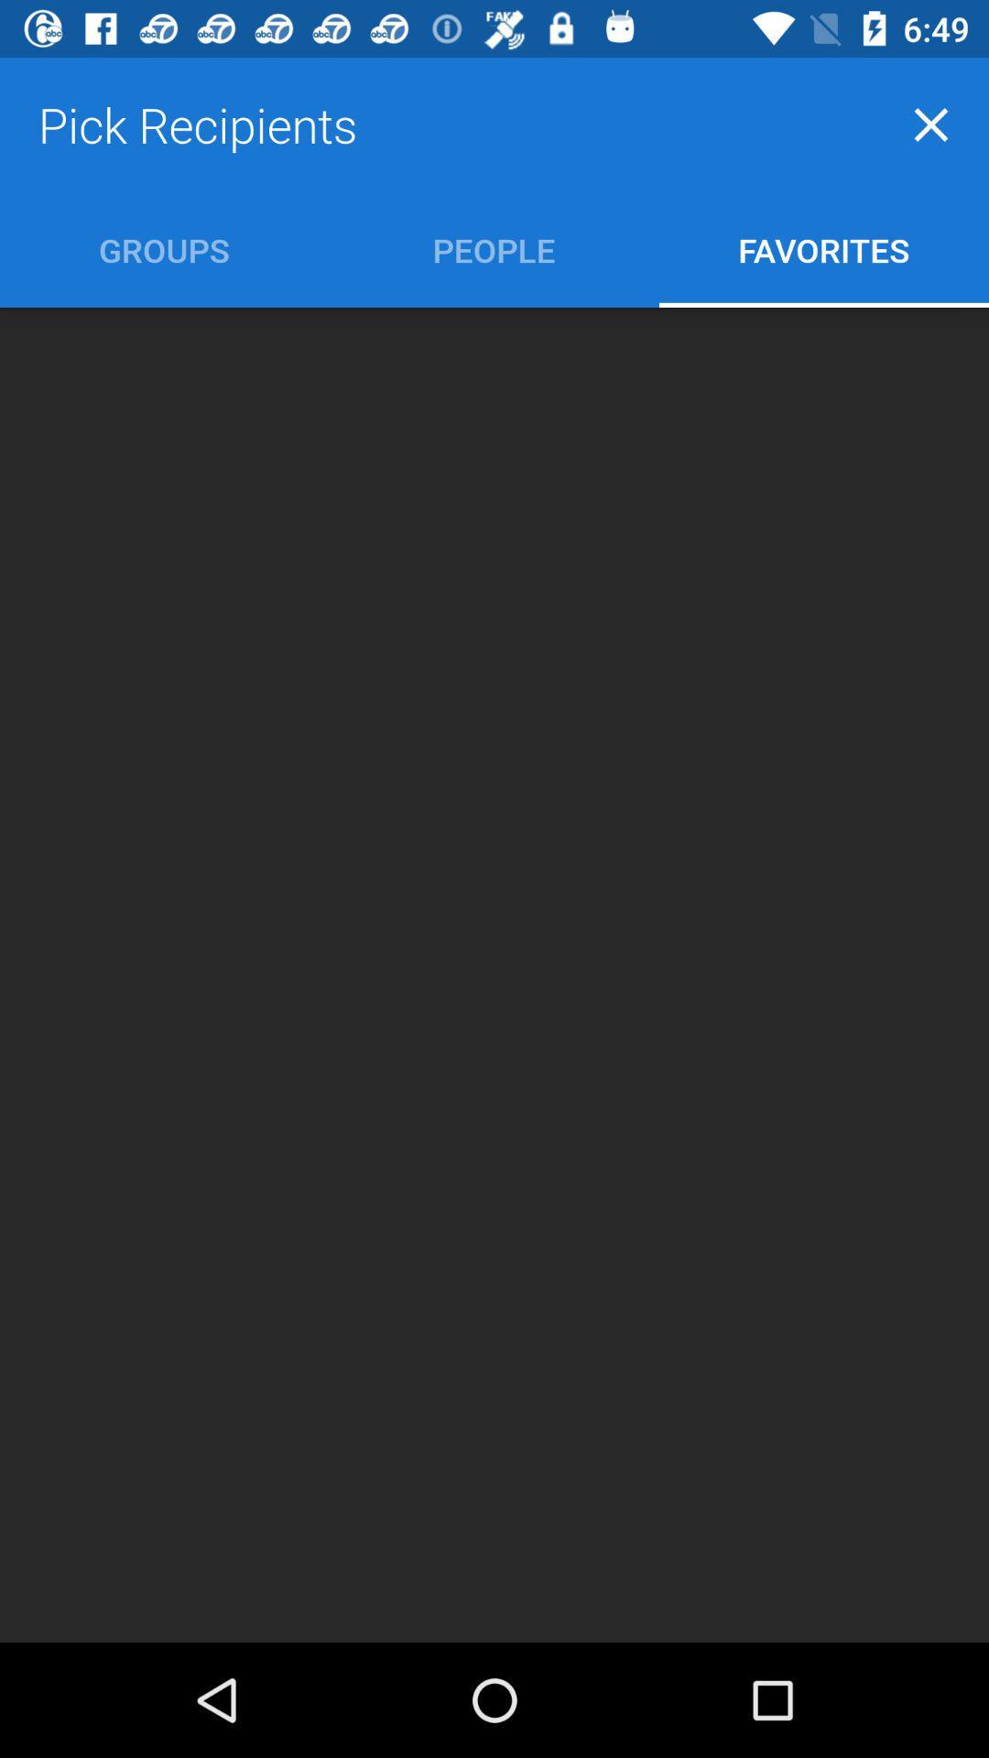  I want to click on the favorites icon, so click(822, 249).